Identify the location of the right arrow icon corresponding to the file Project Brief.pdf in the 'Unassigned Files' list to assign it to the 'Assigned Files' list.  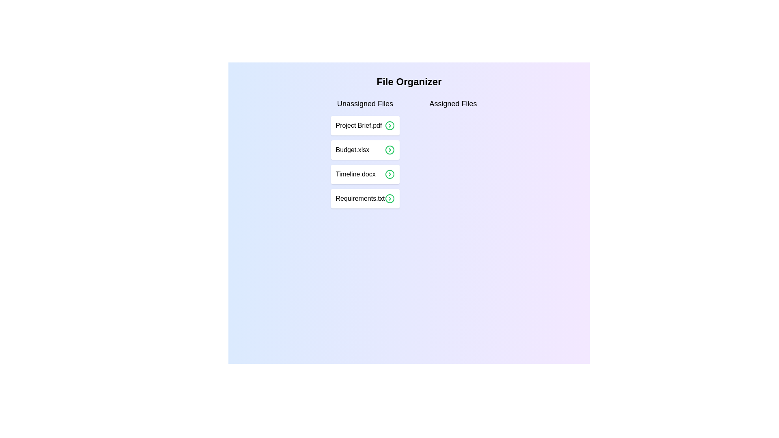
(389, 125).